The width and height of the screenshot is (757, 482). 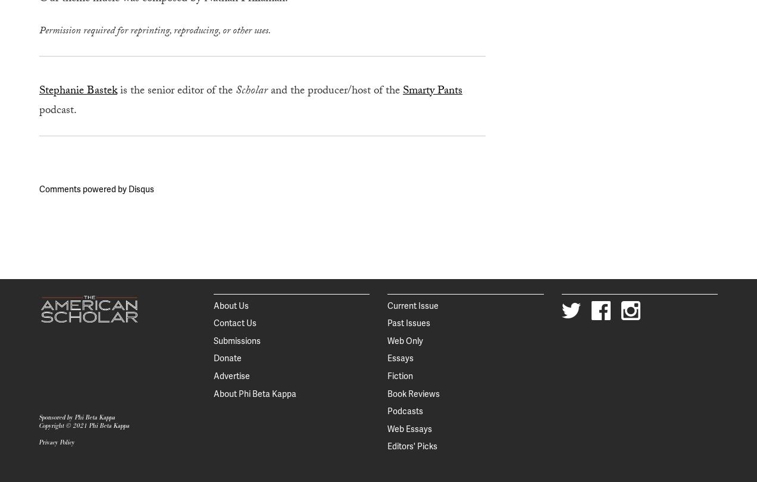 I want to click on 'Web Only', so click(x=405, y=340).